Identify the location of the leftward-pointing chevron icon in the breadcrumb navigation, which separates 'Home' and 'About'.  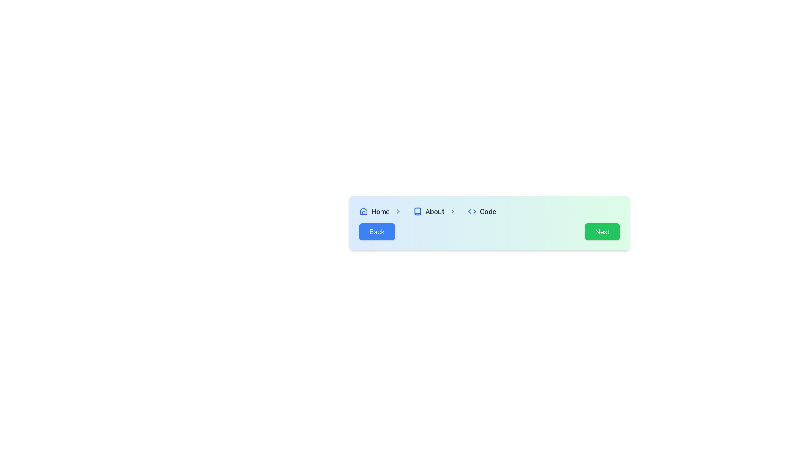
(469, 211).